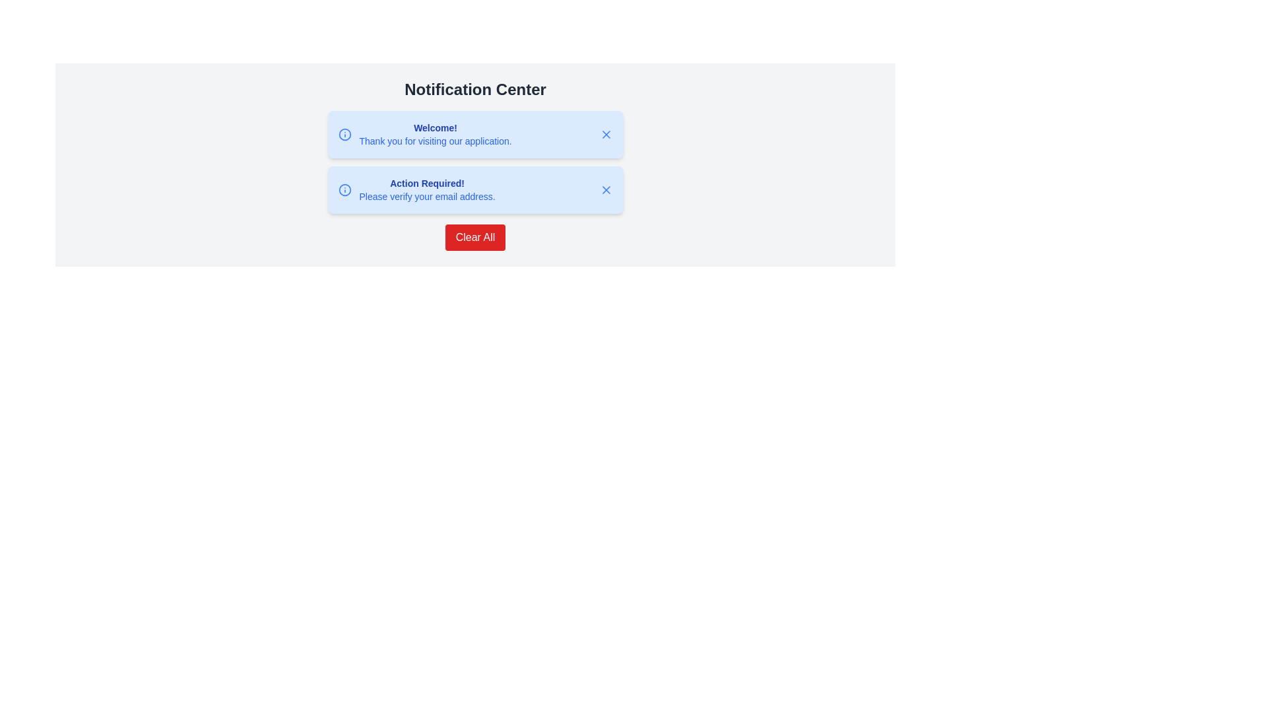 The height and width of the screenshot is (713, 1267). Describe the element at coordinates (605, 190) in the screenshot. I see `the close icon button located in the top-right corner of the second notification card containing the text 'Action Required! Please verify your email address'` at that location.